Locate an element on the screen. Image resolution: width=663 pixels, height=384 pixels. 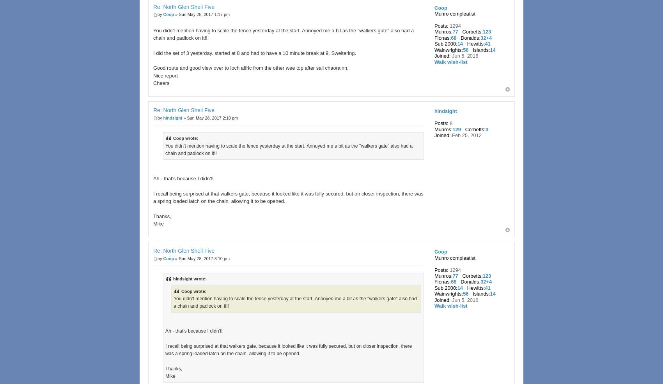
'» Sun May 28, 2017 2:10 pm' is located at coordinates (209, 118).